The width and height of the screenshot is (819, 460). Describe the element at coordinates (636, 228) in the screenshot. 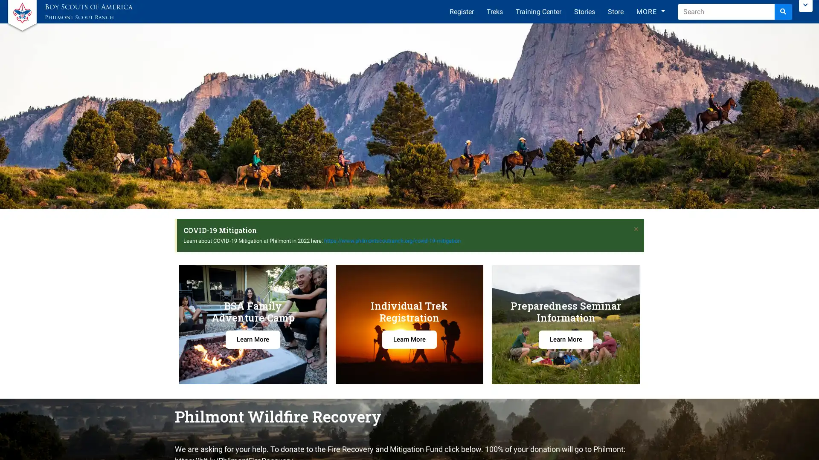

I see `Dismiss alert` at that location.